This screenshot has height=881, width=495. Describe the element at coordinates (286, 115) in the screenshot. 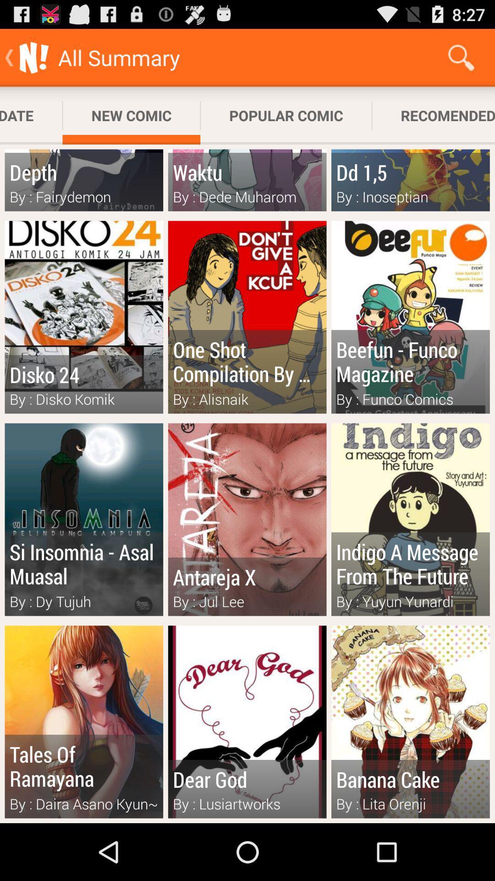

I see `the app to the right of the new comic app` at that location.